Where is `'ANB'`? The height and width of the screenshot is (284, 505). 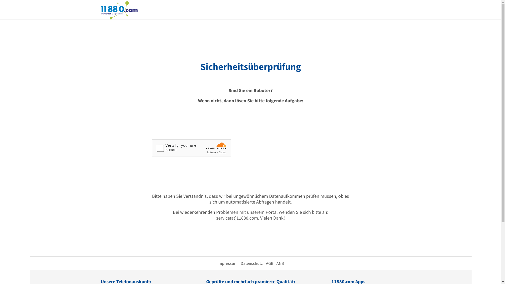
'ANB' is located at coordinates (280, 263).